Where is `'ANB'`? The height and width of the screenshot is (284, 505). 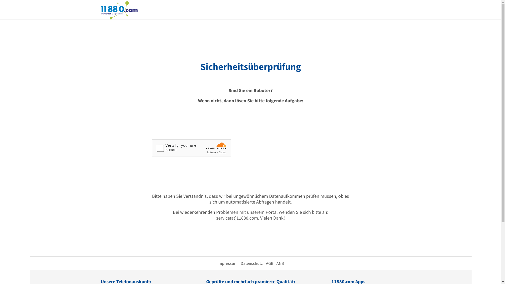
'ANB' is located at coordinates (280, 263).